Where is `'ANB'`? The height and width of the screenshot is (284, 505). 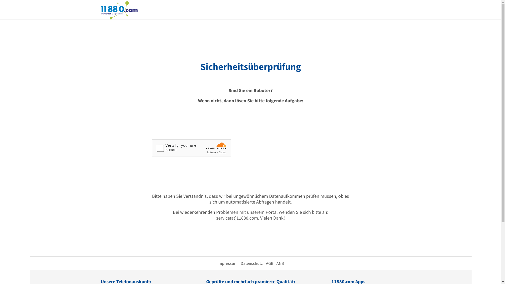
'ANB' is located at coordinates (280, 263).